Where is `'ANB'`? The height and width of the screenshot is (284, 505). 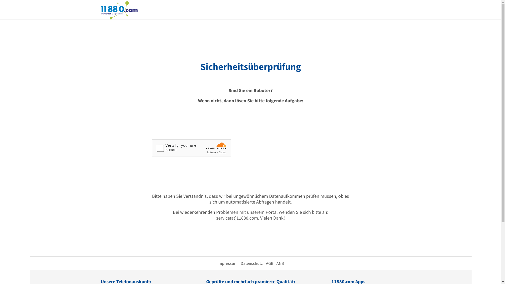
'ANB' is located at coordinates (280, 263).